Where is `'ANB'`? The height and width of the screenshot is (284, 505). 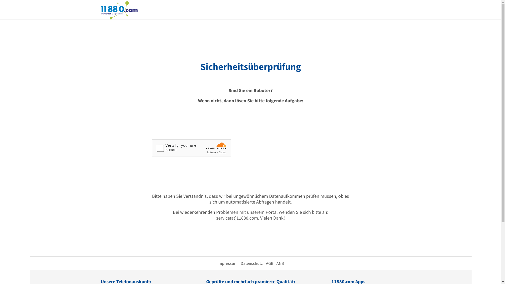
'ANB' is located at coordinates (280, 263).